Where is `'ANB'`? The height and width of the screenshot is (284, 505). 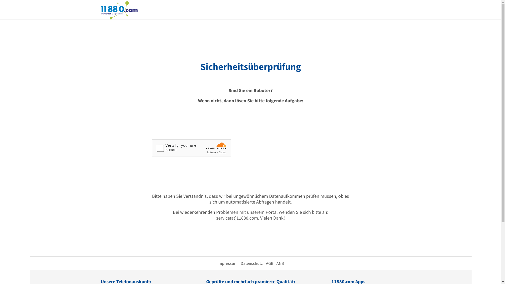
'ANB' is located at coordinates (280, 263).